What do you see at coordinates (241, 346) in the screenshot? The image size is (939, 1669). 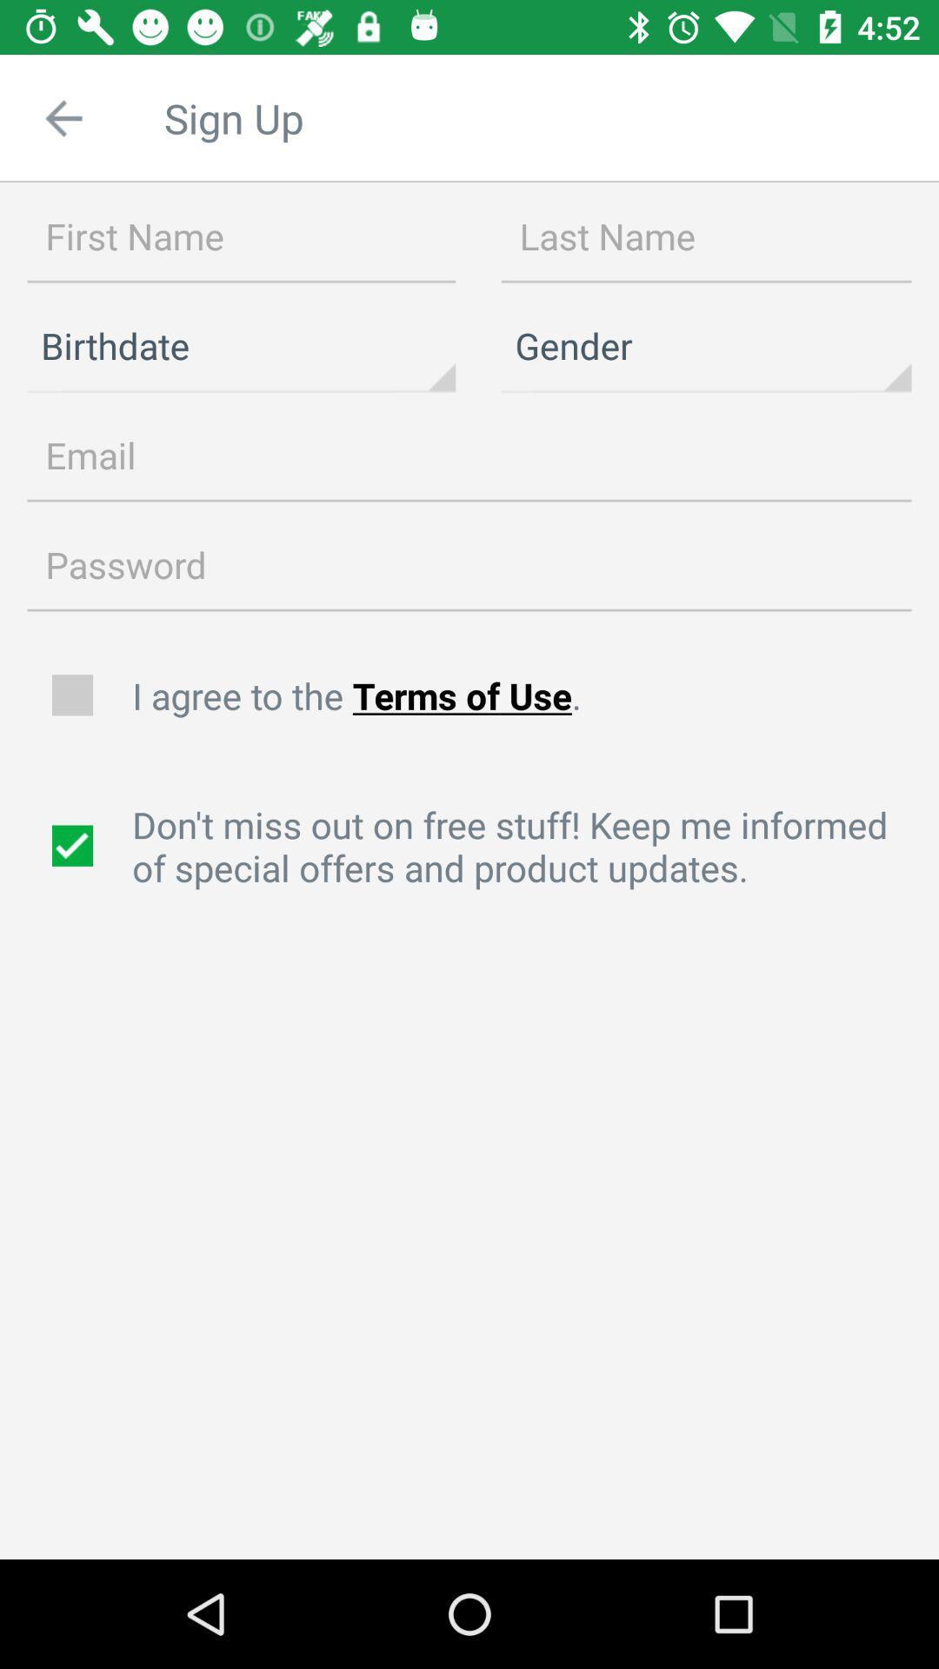 I see `the birthdate` at bounding box center [241, 346].